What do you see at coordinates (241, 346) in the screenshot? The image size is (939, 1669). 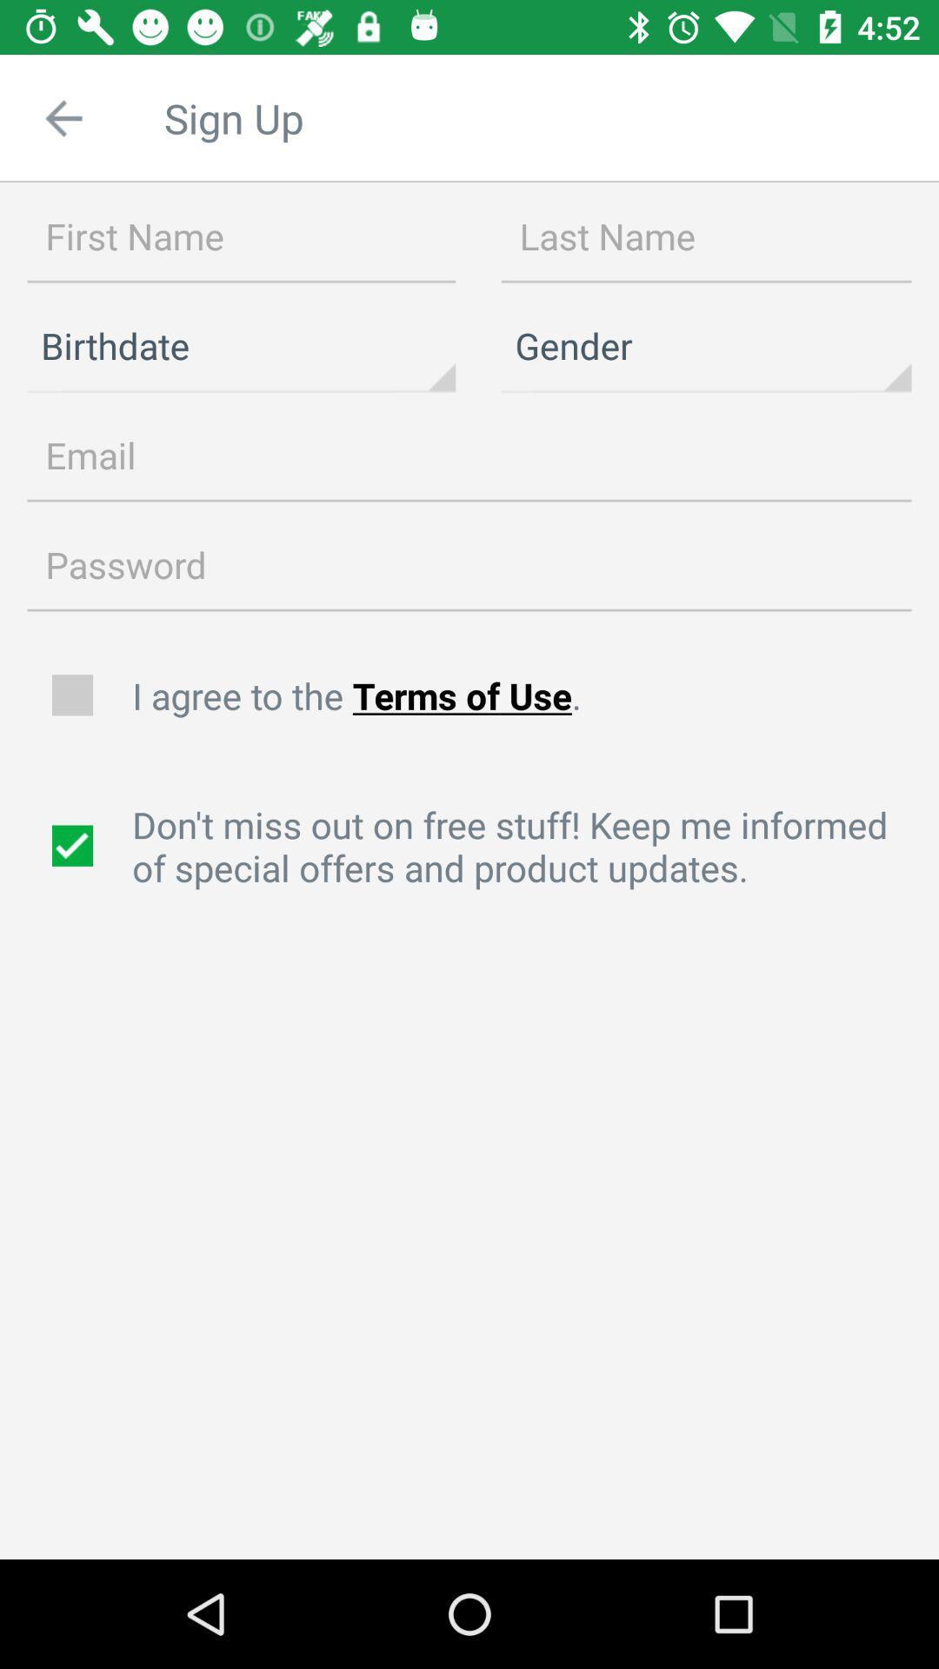 I see `the birthdate` at bounding box center [241, 346].